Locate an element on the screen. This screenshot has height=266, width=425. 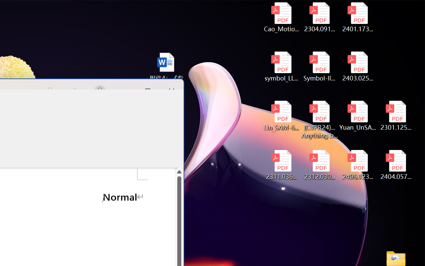
'2312.03032v2.pdf' is located at coordinates (319, 165).